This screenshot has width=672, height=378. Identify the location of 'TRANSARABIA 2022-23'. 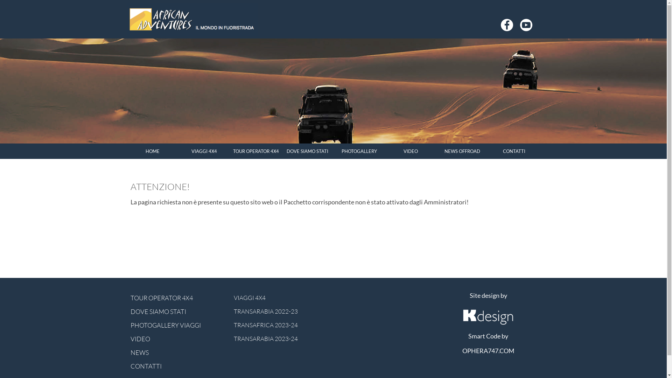
(282, 311).